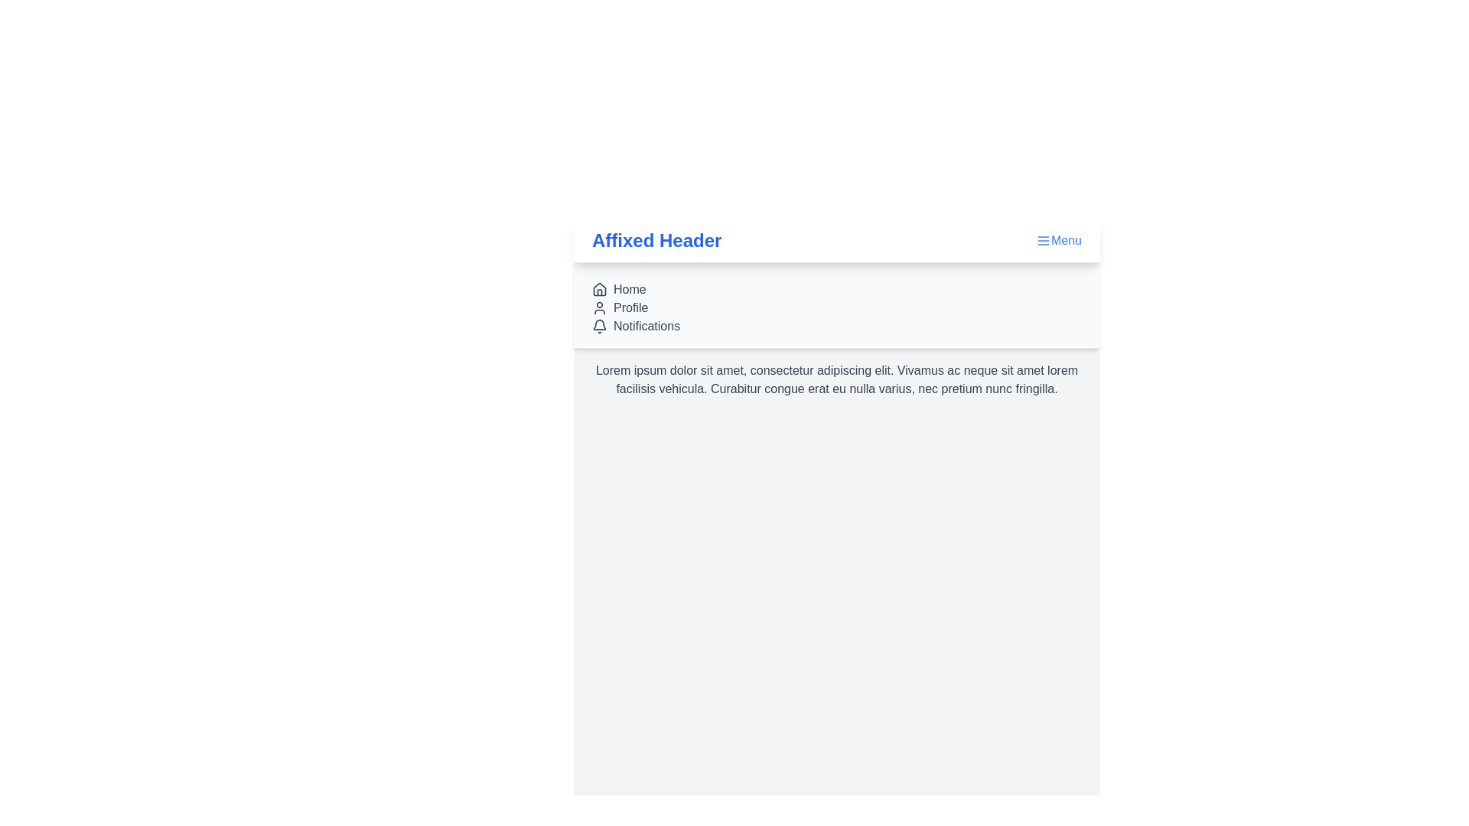 This screenshot has width=1469, height=826. What do you see at coordinates (598, 289) in the screenshot?
I see `the 'Home' navigation icon located at the top-left of the navigational panel` at bounding box center [598, 289].